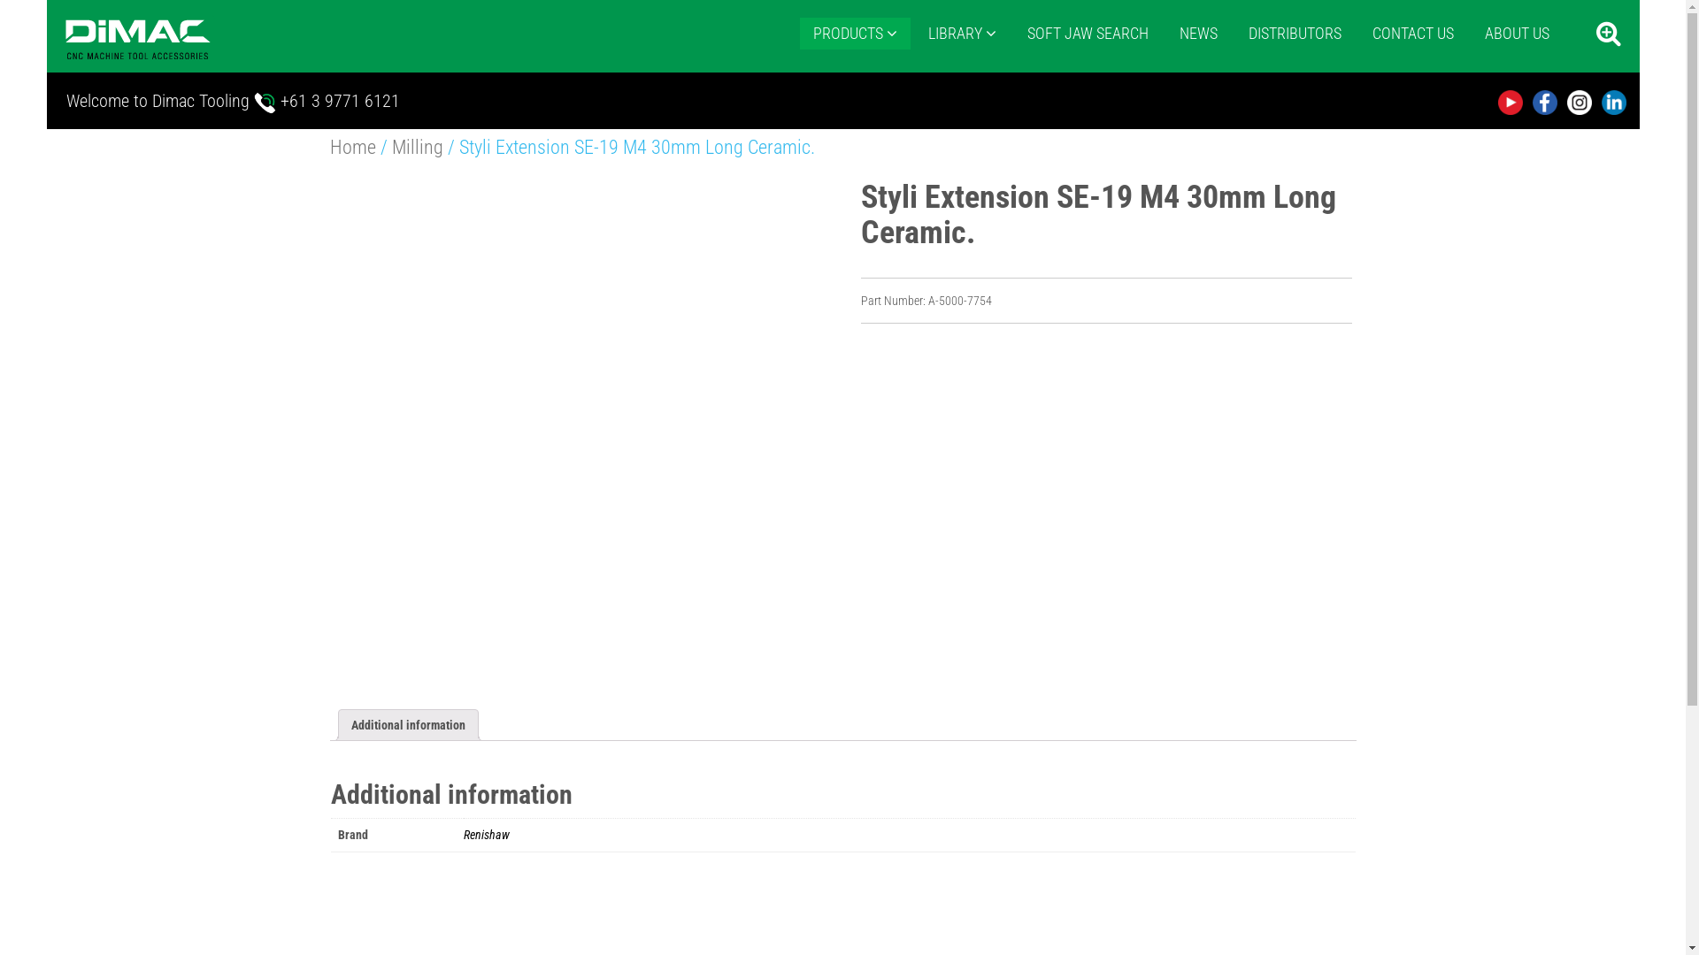 The height and width of the screenshot is (955, 1699). Describe the element at coordinates (1295, 34) in the screenshot. I see `'DISTRIBUTORS'` at that location.